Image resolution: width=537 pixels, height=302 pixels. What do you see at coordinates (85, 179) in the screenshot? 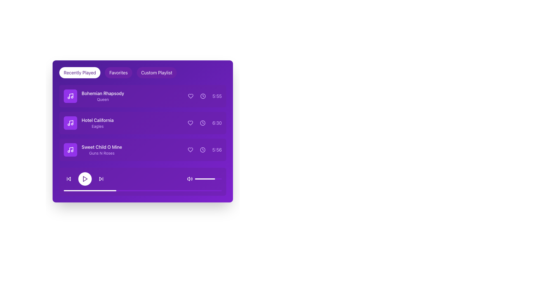
I see `the play icon in the circular play control button located in the bottom control bar of the music player interface` at bounding box center [85, 179].